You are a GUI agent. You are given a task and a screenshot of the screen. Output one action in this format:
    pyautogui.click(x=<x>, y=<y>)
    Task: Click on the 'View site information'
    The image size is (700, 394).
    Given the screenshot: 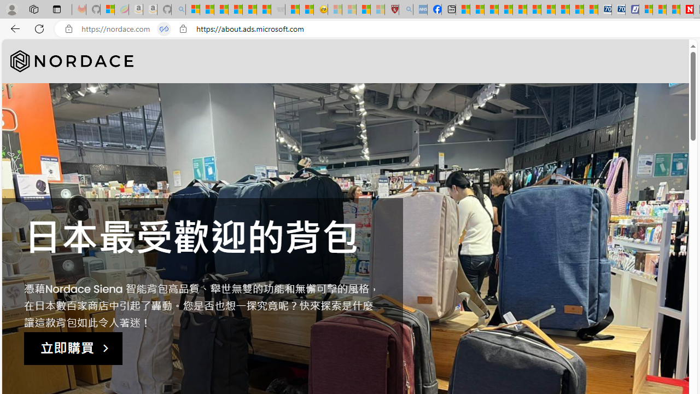 What is the action you would take?
    pyautogui.click(x=183, y=28)
    